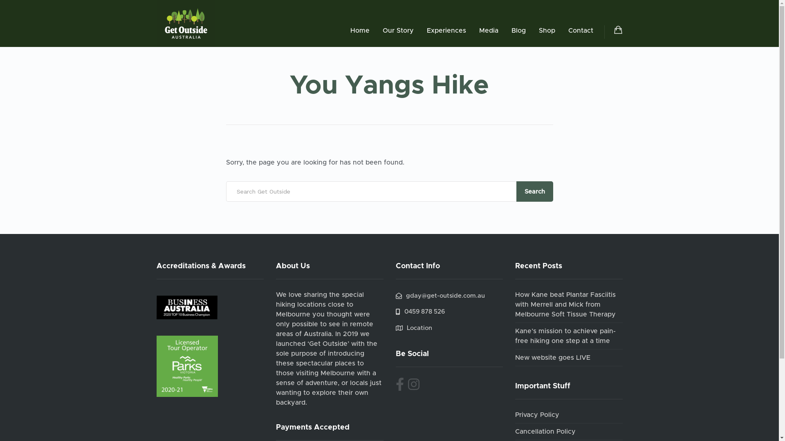  I want to click on '0459 878 526', so click(420, 312).